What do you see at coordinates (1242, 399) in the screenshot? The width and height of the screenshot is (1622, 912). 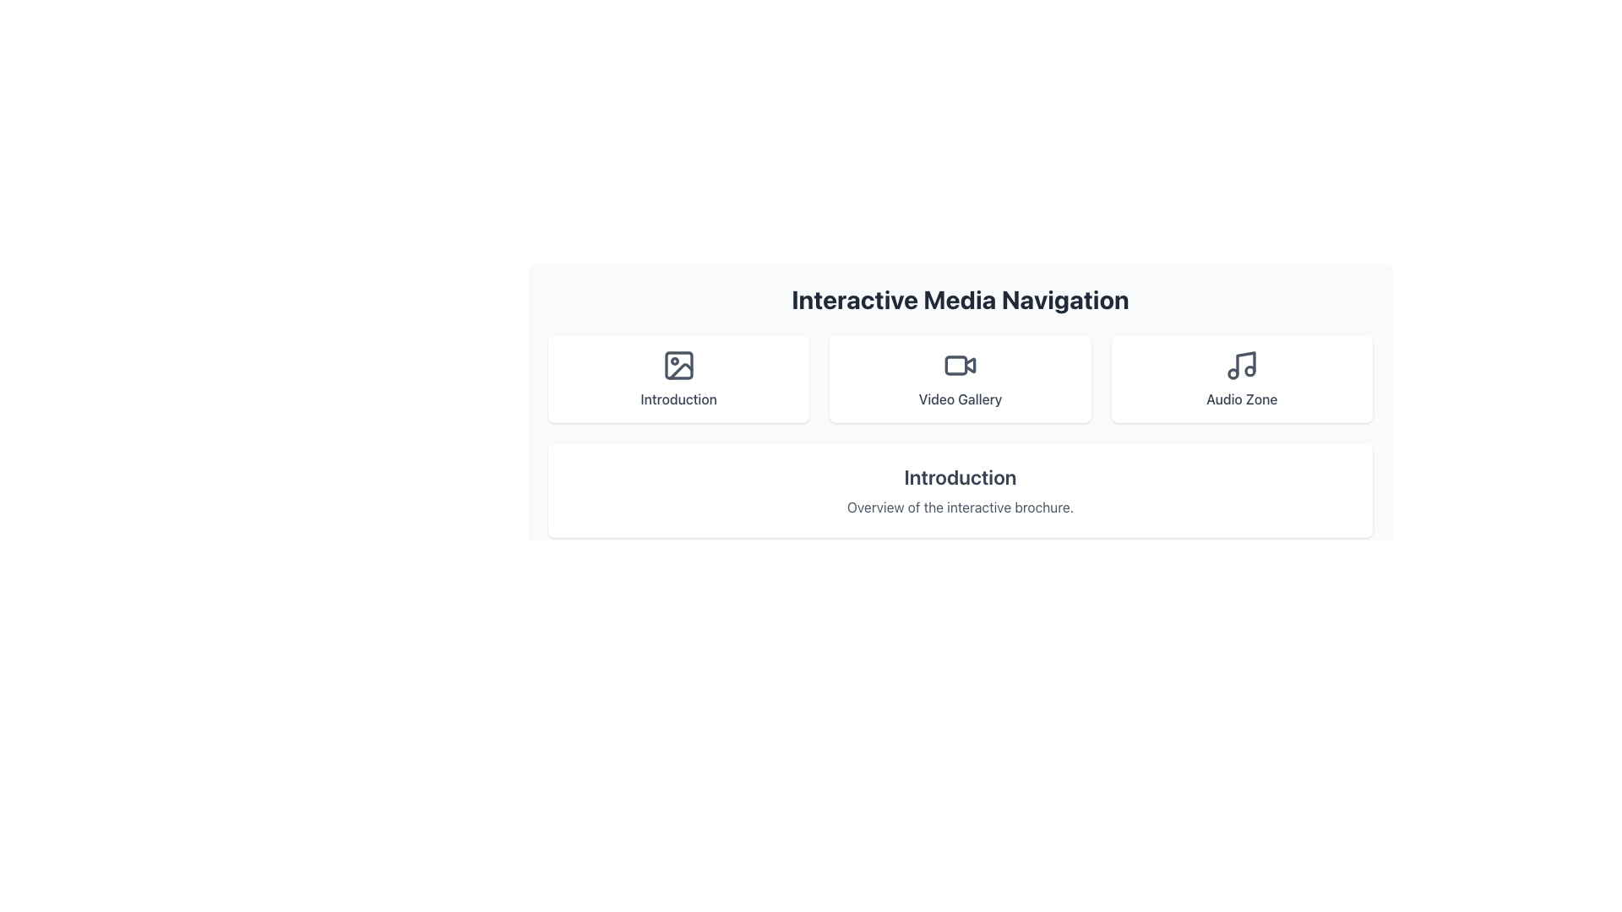 I see `the Static text label that describes the Audio Zone feature, located in the lower part of the third column of a grid, centered horizontally and below an icon` at bounding box center [1242, 399].